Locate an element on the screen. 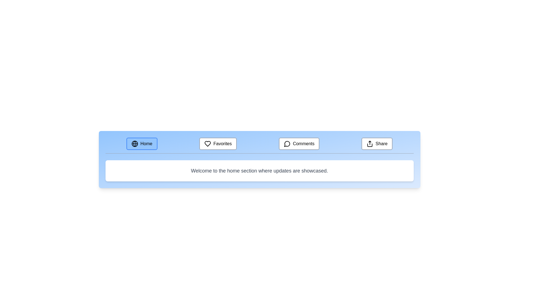  the Comments tab by clicking on it is located at coordinates (299, 144).